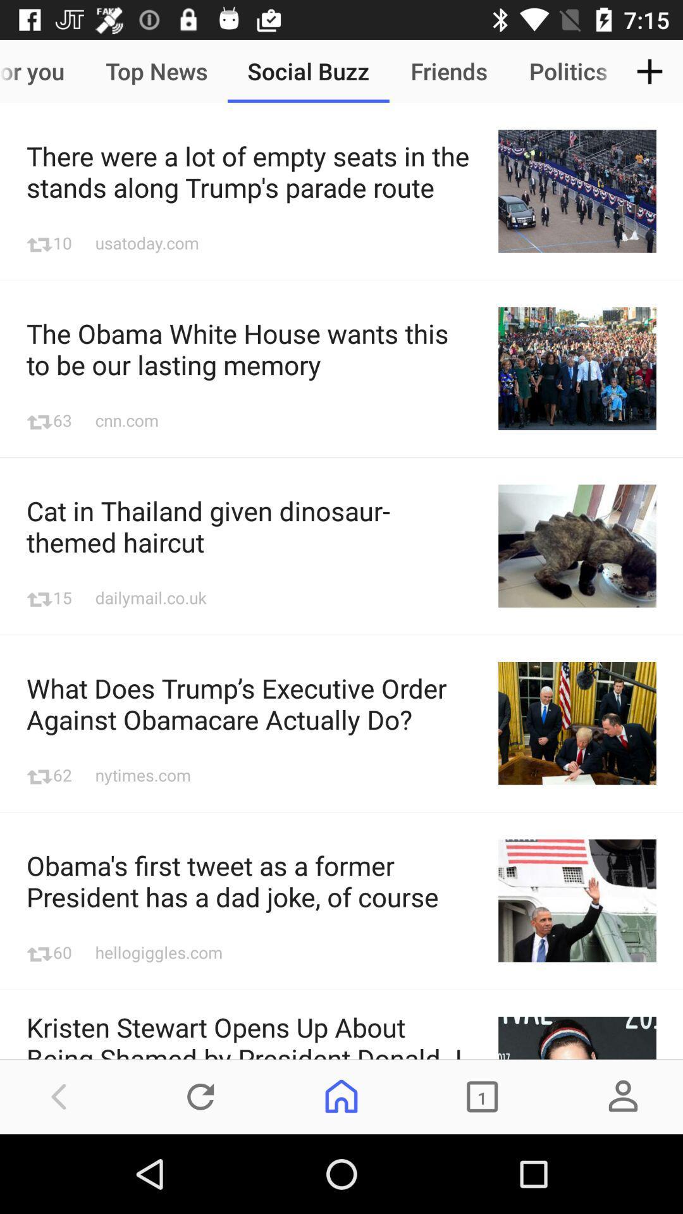 The width and height of the screenshot is (683, 1214). I want to click on the item next to politics icon, so click(649, 70).